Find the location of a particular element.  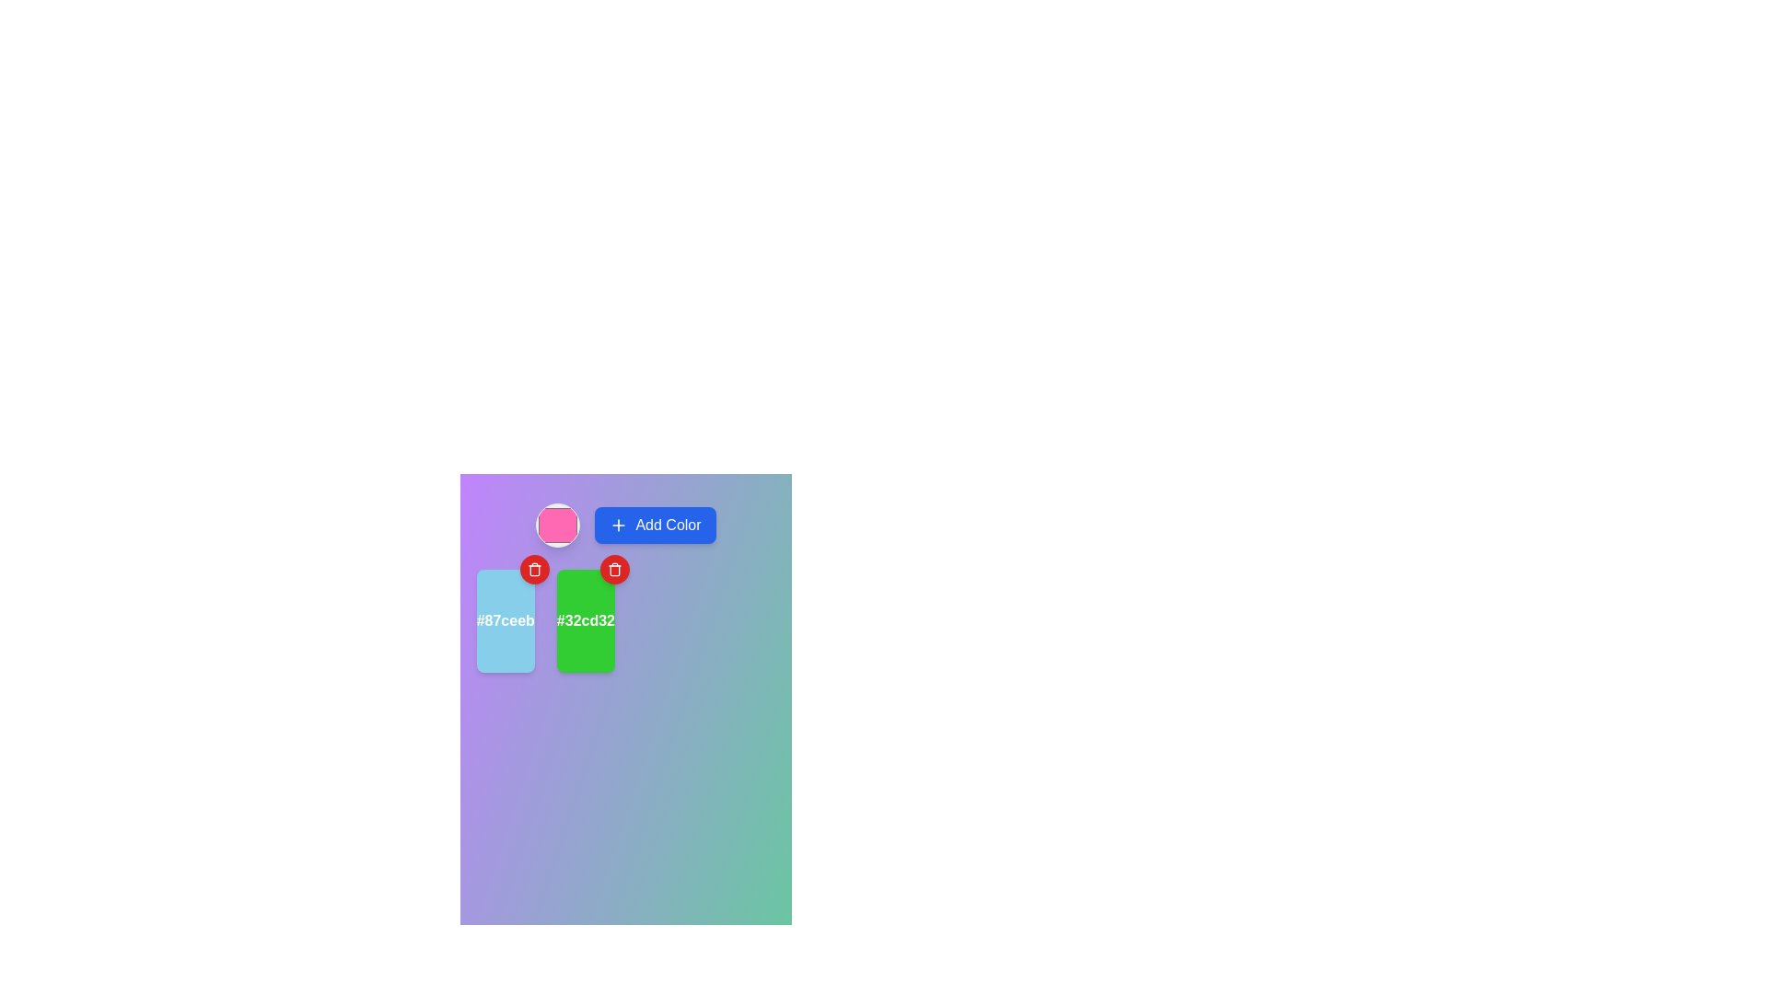

the delete button located in the top-right corner of the green card labeled '#32cd32' is located at coordinates (614, 568).